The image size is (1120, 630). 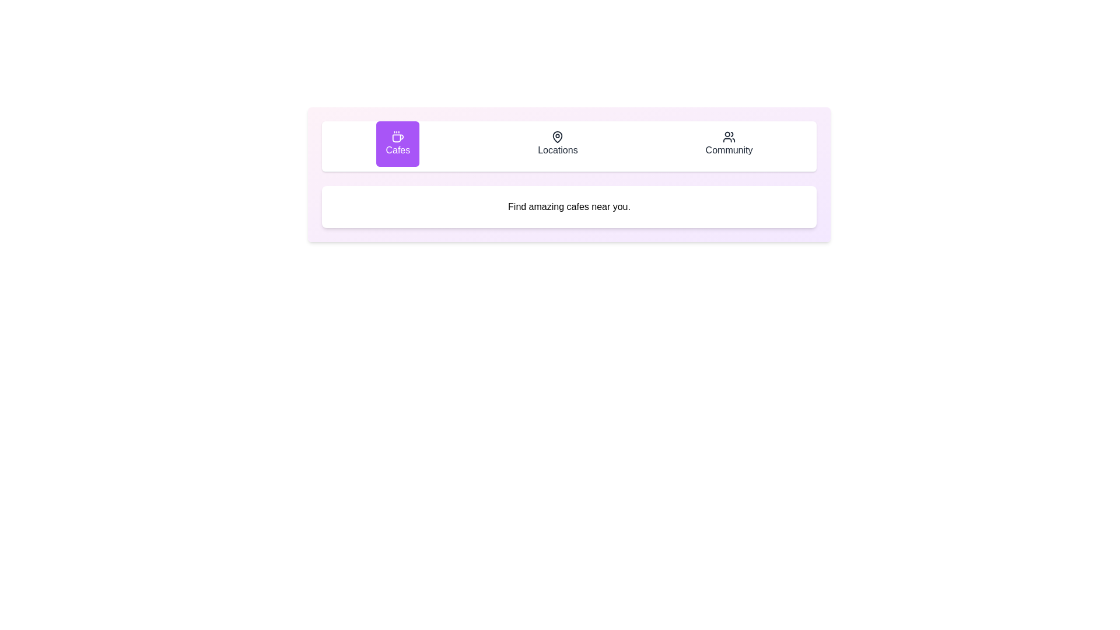 What do you see at coordinates (557, 136) in the screenshot?
I see `the pin-shaped icon resembling a map marker located centrally above the text 'Locations'` at bounding box center [557, 136].